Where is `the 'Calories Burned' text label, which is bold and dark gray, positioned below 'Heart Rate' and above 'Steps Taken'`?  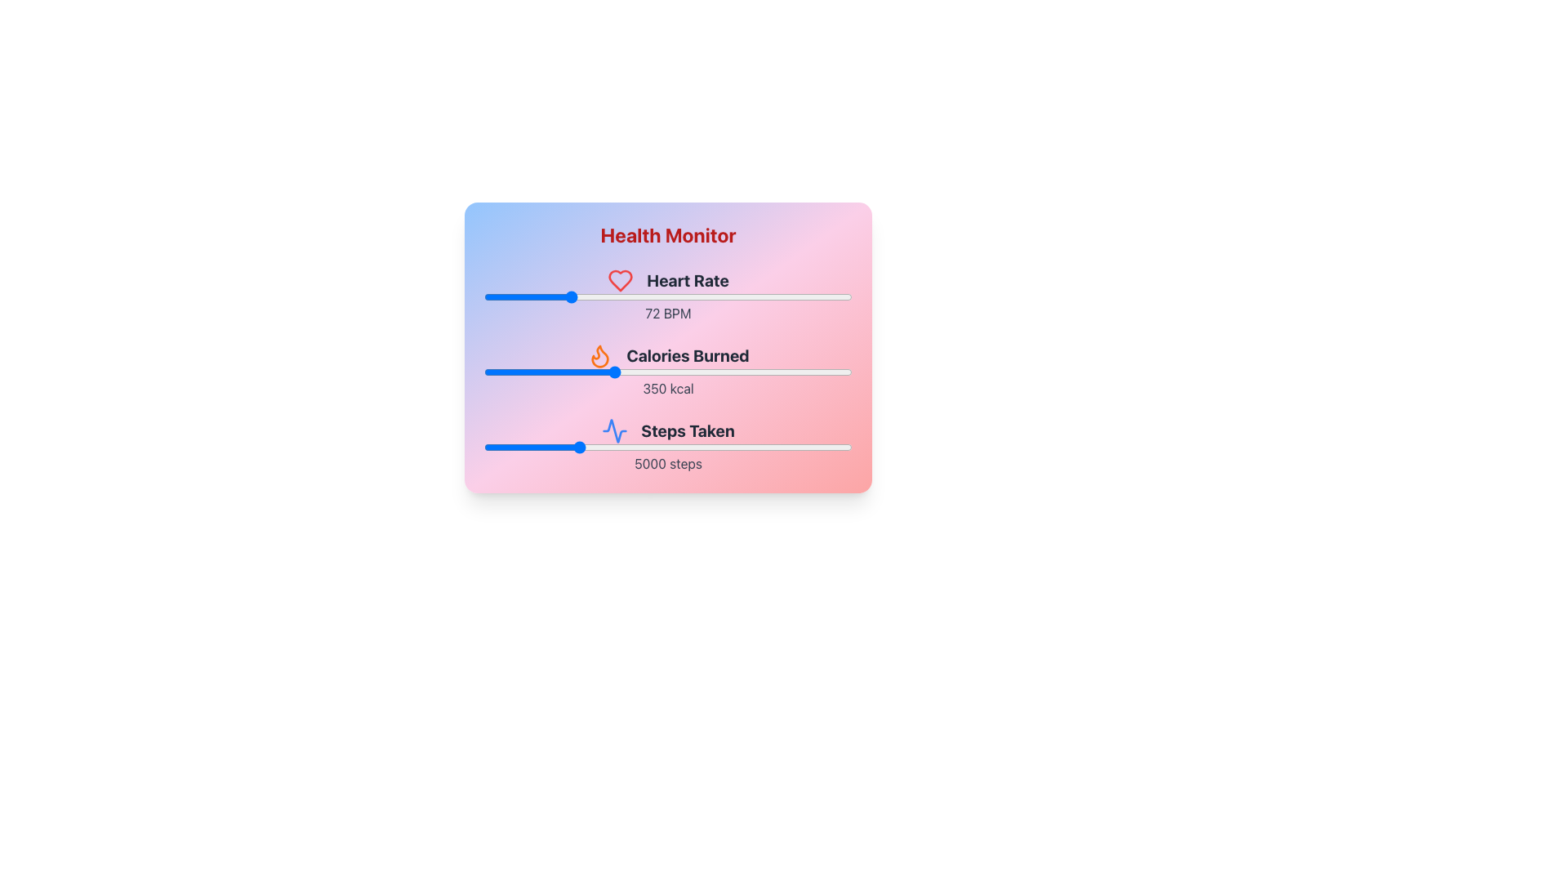 the 'Calories Burned' text label, which is bold and dark gray, positioned below 'Heart Rate' and above 'Steps Taken' is located at coordinates (688, 354).